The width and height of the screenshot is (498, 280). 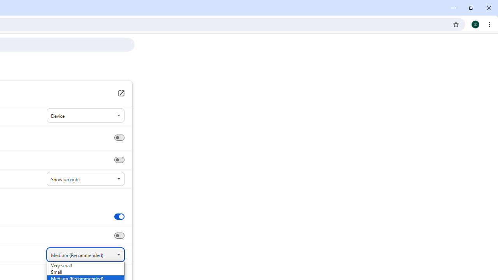 What do you see at coordinates (85, 255) in the screenshot?
I see `'Font size'` at bounding box center [85, 255].